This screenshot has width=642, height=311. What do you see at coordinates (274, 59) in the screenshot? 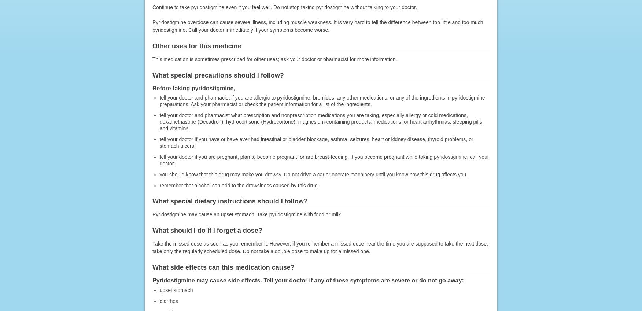
I see `'This medication is sometimes prescribed for other uses; ask your doctor or pharmacist for more information.'` at bounding box center [274, 59].